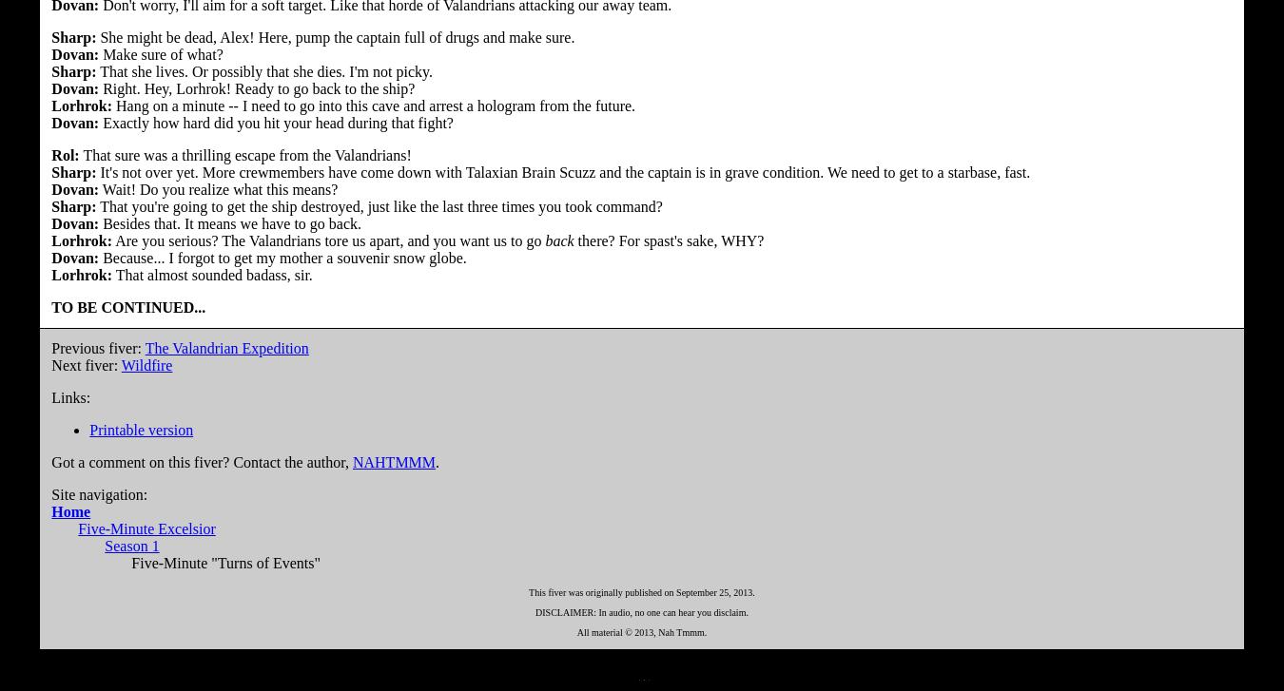  Describe the element at coordinates (229, 222) in the screenshot. I see `'Besides that. It means we have to go back.'` at that location.